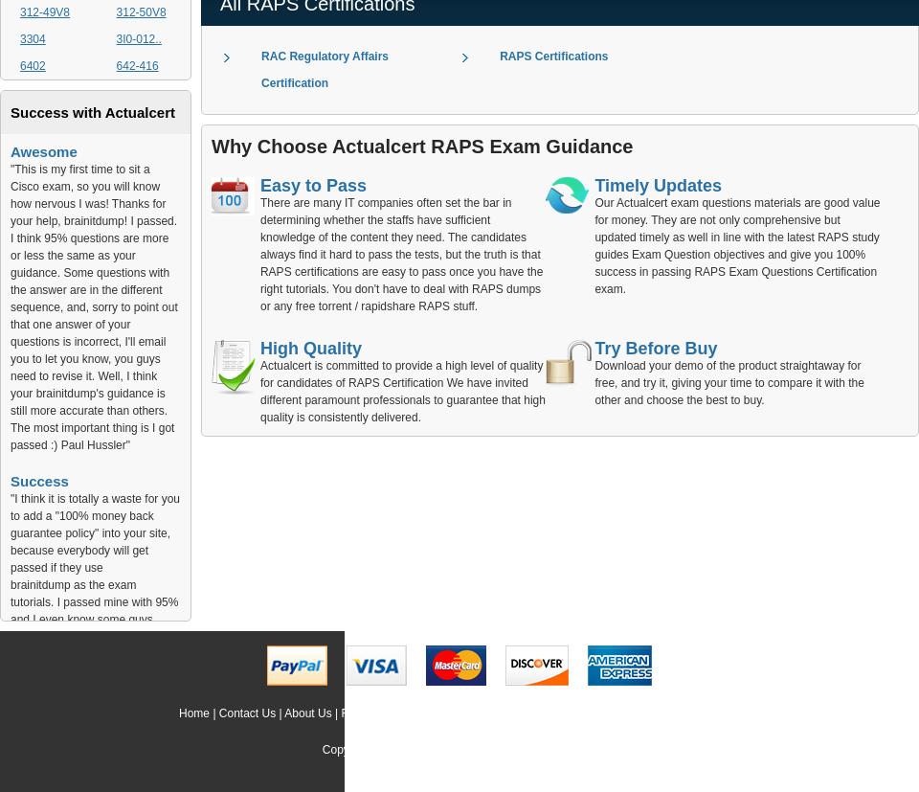  Describe the element at coordinates (655, 347) in the screenshot. I see `'Try Before Buy'` at that location.